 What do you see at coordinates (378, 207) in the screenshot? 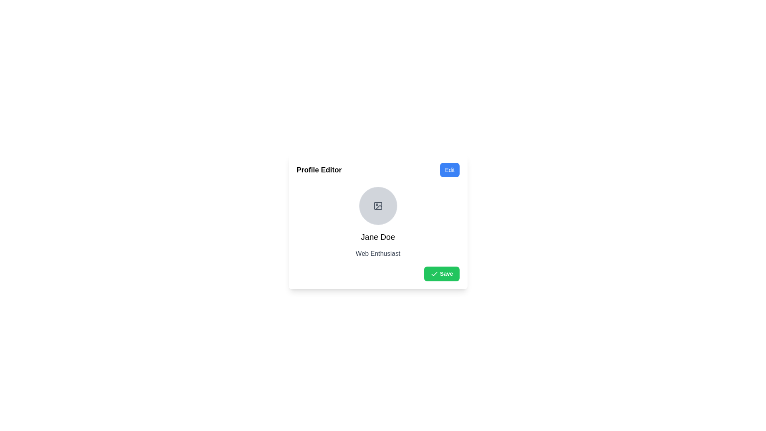
I see `the vector graphic icon resembling a placeholder image located in the profile section above the text 'Jane Doe' and 'Web Enthusiast'` at bounding box center [378, 207].